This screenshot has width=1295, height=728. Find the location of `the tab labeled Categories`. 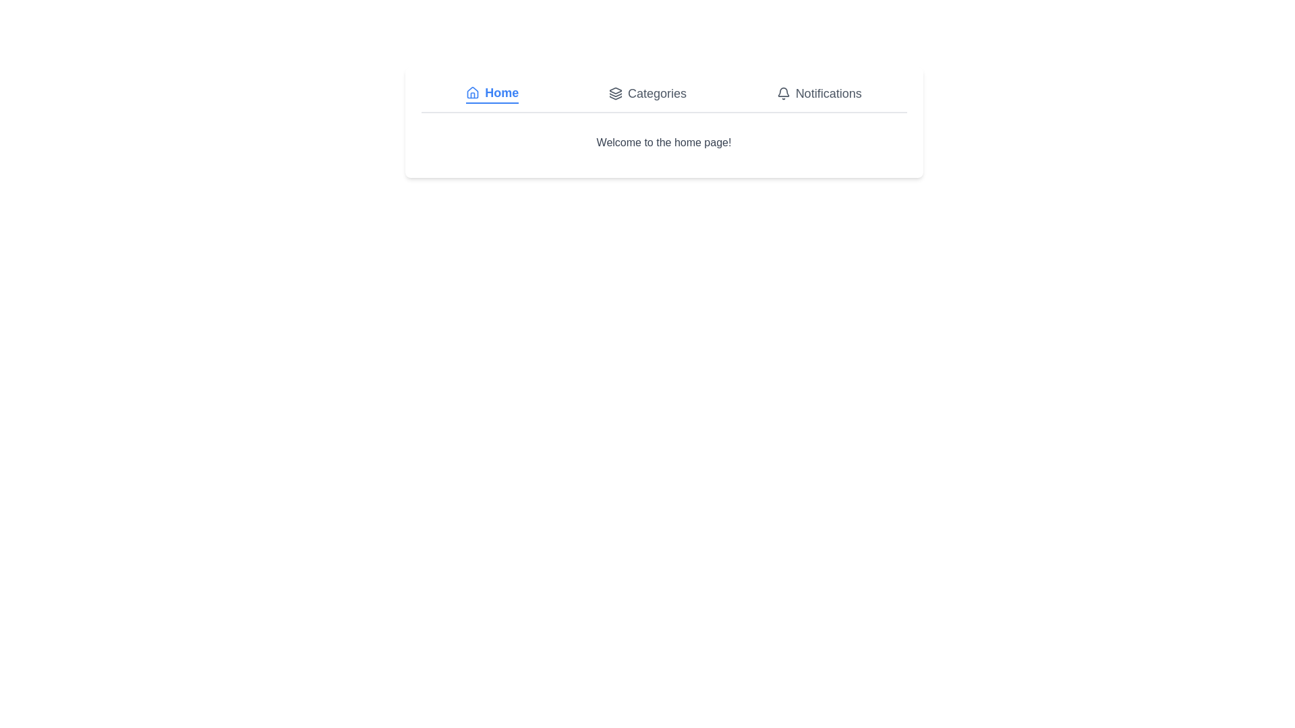

the tab labeled Categories is located at coordinates (647, 92).